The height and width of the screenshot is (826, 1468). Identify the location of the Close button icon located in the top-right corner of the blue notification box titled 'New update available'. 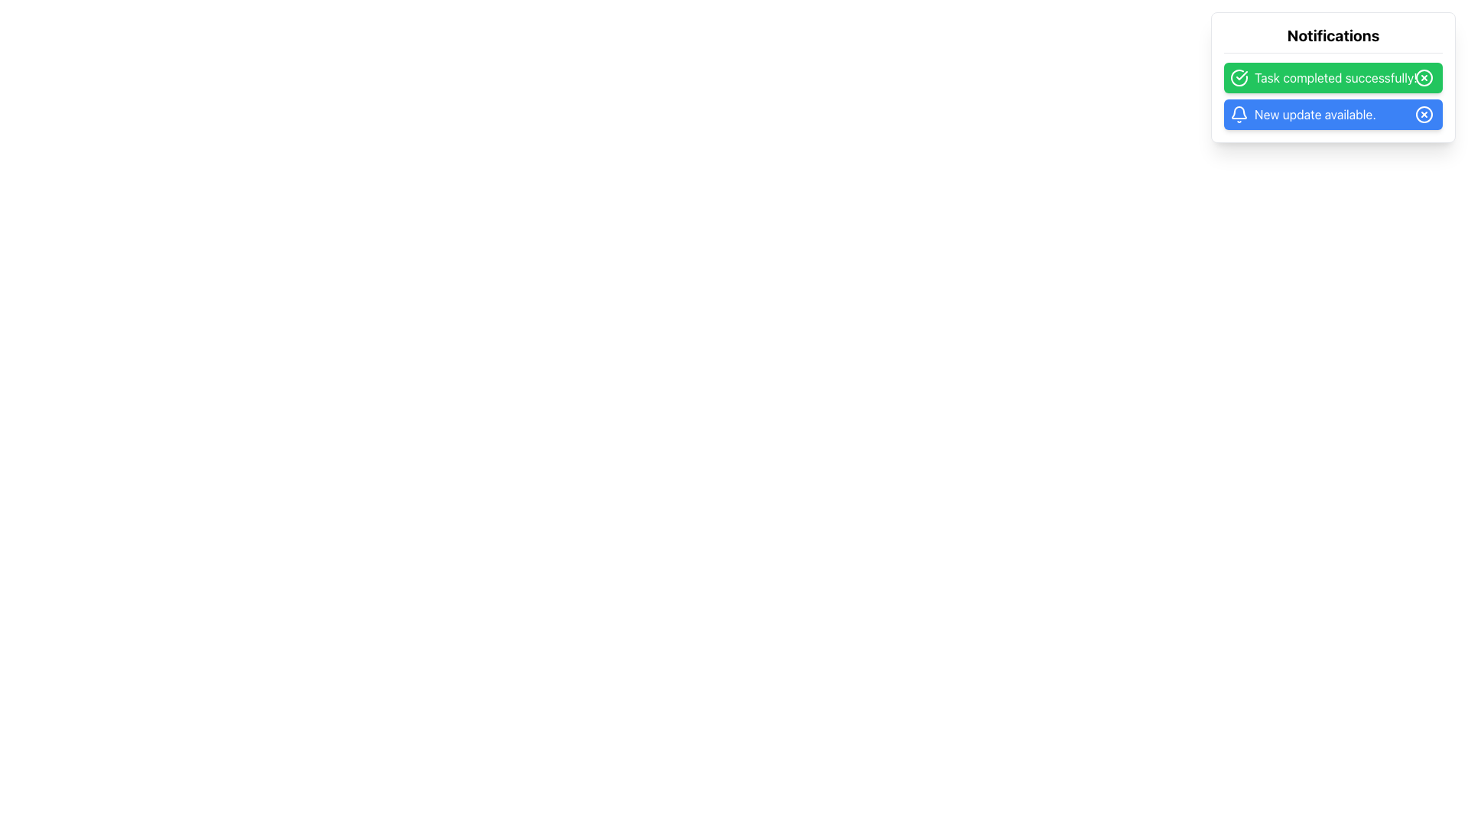
(1423, 114).